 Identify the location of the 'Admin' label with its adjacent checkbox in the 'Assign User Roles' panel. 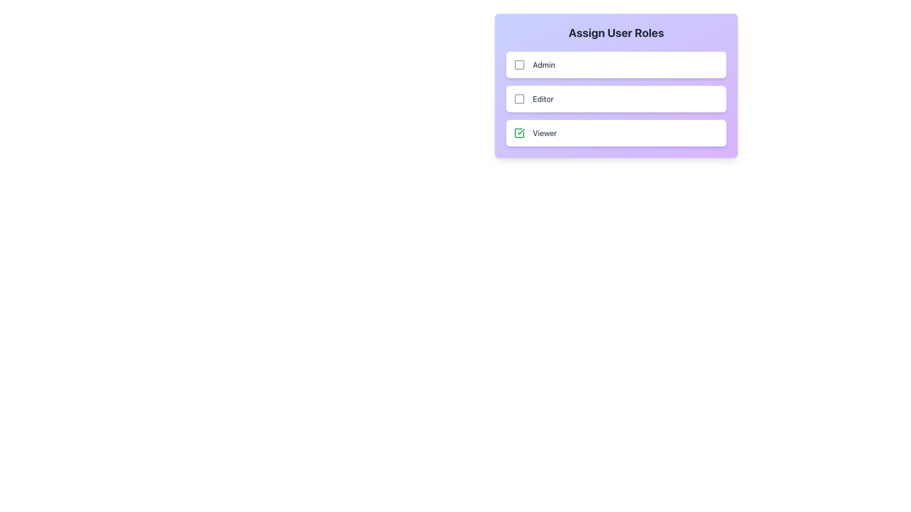
(534, 64).